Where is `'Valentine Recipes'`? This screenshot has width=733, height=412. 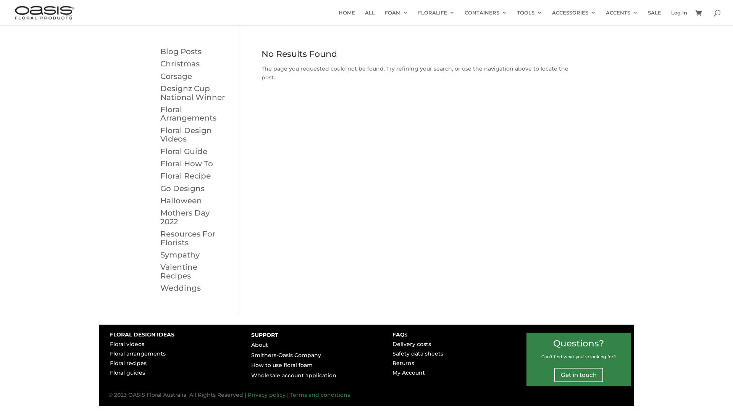 'Valentine Recipes' is located at coordinates (160, 270).